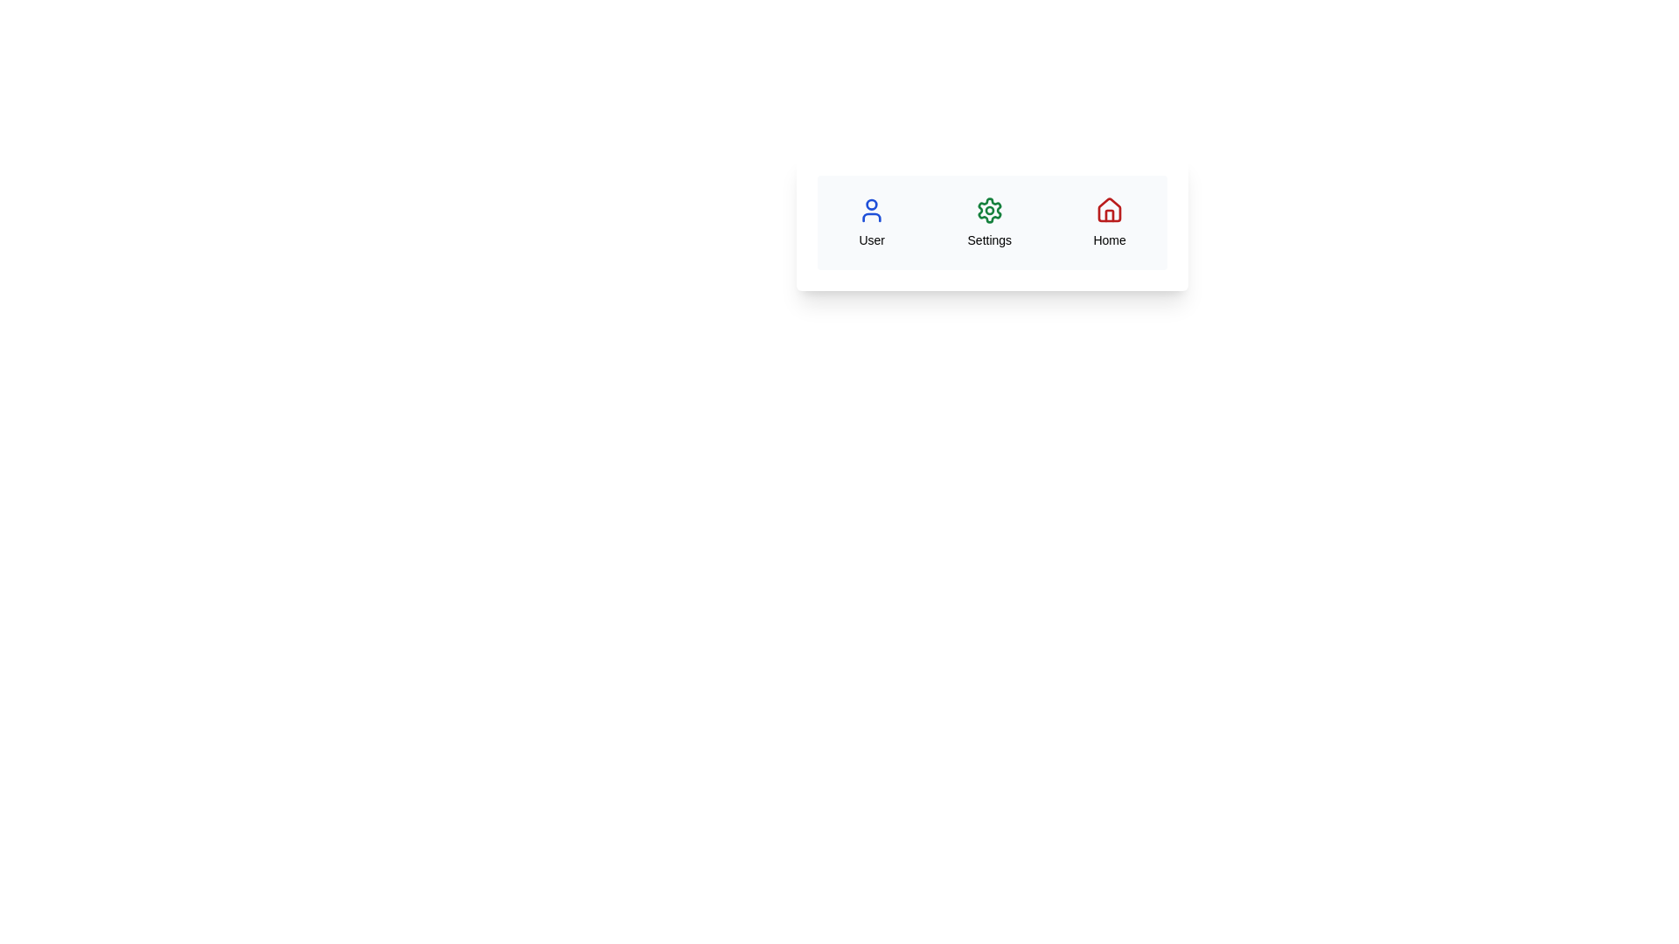 This screenshot has width=1679, height=944. Describe the element at coordinates (872, 221) in the screenshot. I see `the User button, which features a blue icon of a person above the label 'User' in black font` at that location.